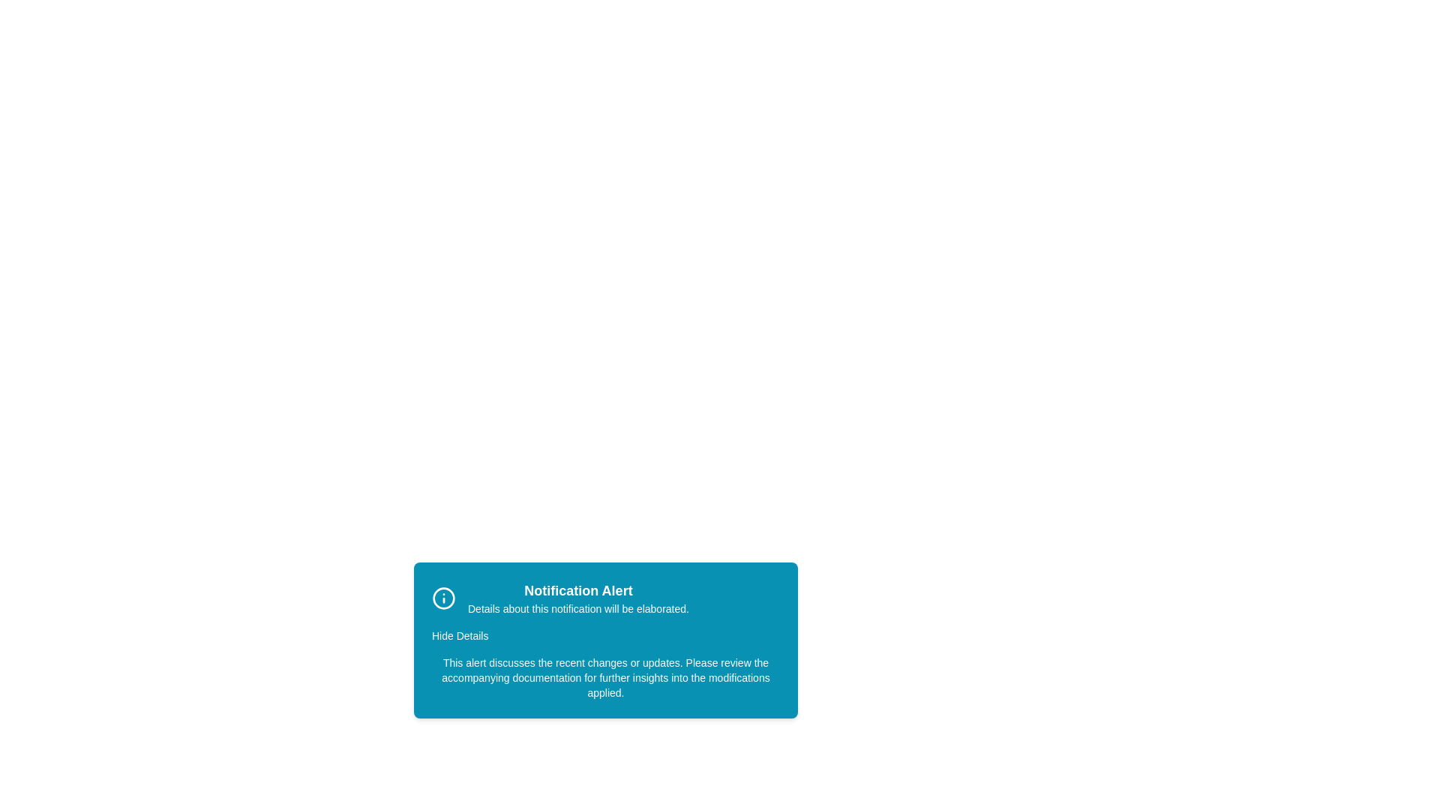 Image resolution: width=1440 pixels, height=810 pixels. I want to click on the text 'Details about this notification will be elaborated.' in the alert, so click(467, 601).